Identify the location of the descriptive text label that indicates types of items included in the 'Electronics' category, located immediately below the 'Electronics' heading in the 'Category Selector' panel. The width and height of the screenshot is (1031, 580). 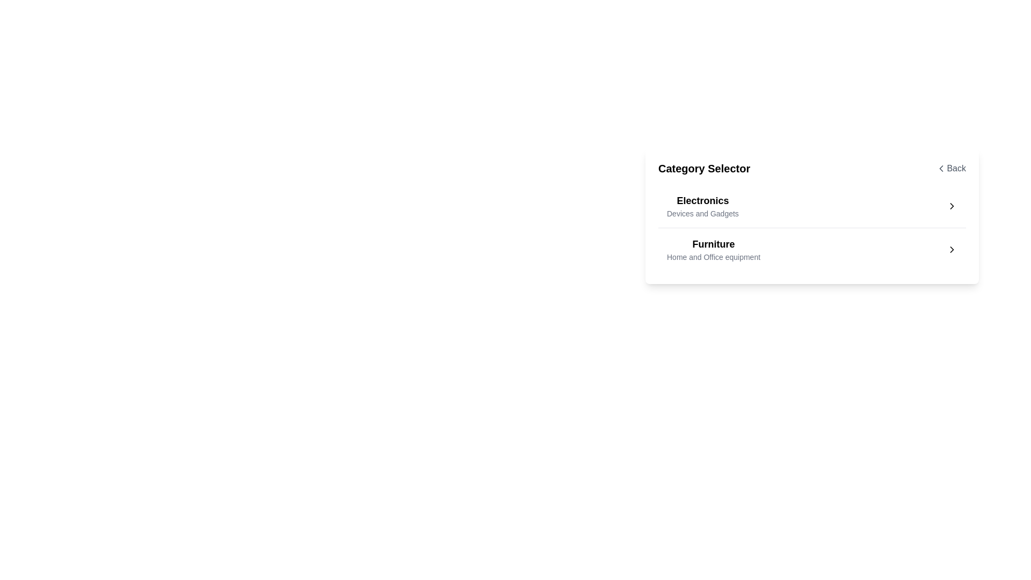
(702, 213).